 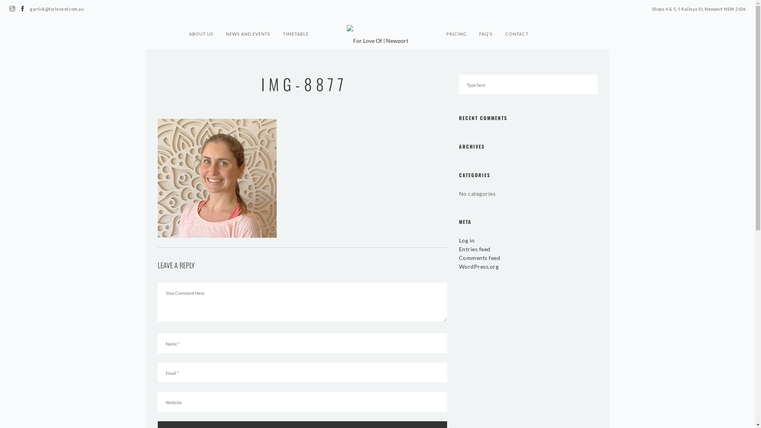 I want to click on 'Entries feed', so click(x=459, y=248).